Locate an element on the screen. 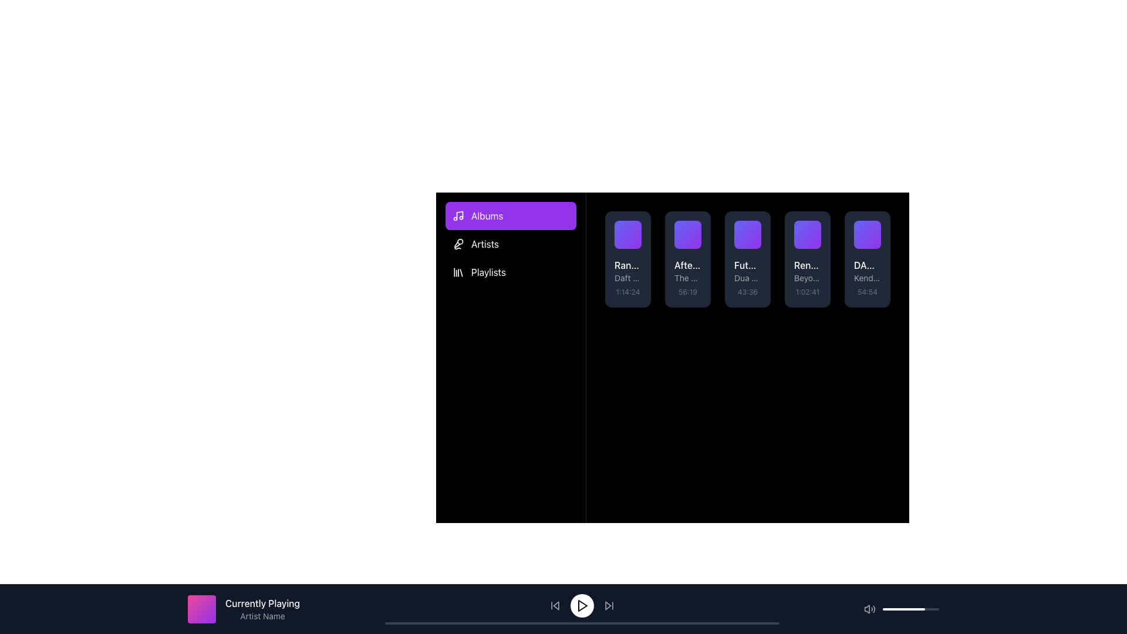 The height and width of the screenshot is (634, 1127). the play/pause button located at the center of the bottom navigation bar is located at coordinates (582, 606).